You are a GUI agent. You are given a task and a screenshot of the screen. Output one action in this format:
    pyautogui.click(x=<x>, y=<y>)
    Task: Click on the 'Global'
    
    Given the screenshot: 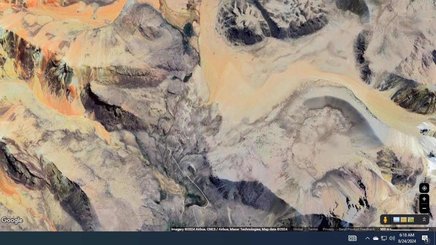 What is the action you would take?
    pyautogui.click(x=298, y=229)
    